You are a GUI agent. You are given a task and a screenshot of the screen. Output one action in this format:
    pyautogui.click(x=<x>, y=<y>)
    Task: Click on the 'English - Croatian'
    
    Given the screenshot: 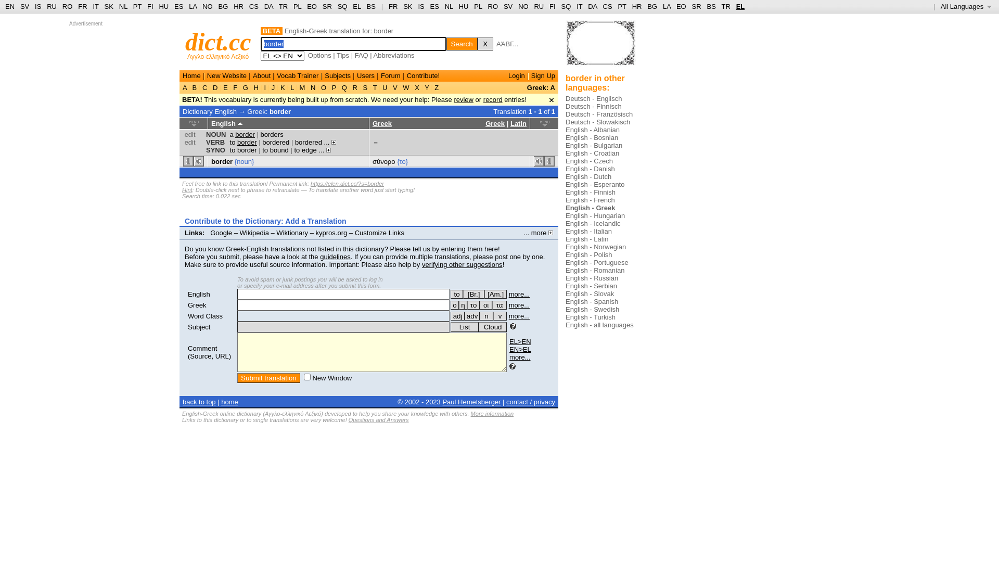 What is the action you would take?
    pyautogui.click(x=592, y=153)
    